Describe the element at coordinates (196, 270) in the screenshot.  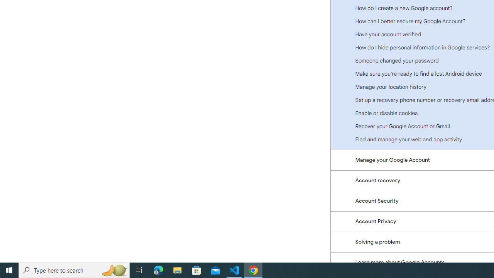
I see `'Microsoft Store'` at that location.